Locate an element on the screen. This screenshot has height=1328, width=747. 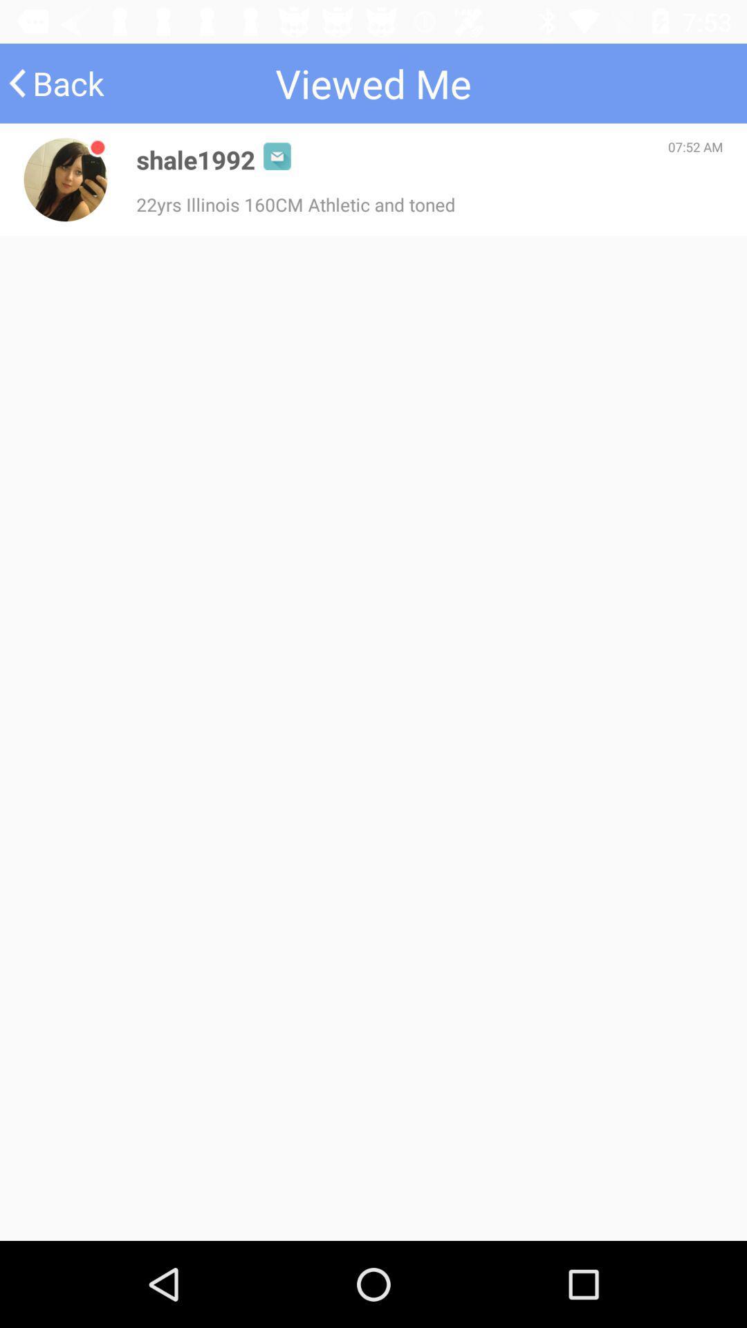
item above the 22yrs illinois 160cm is located at coordinates (196, 159).